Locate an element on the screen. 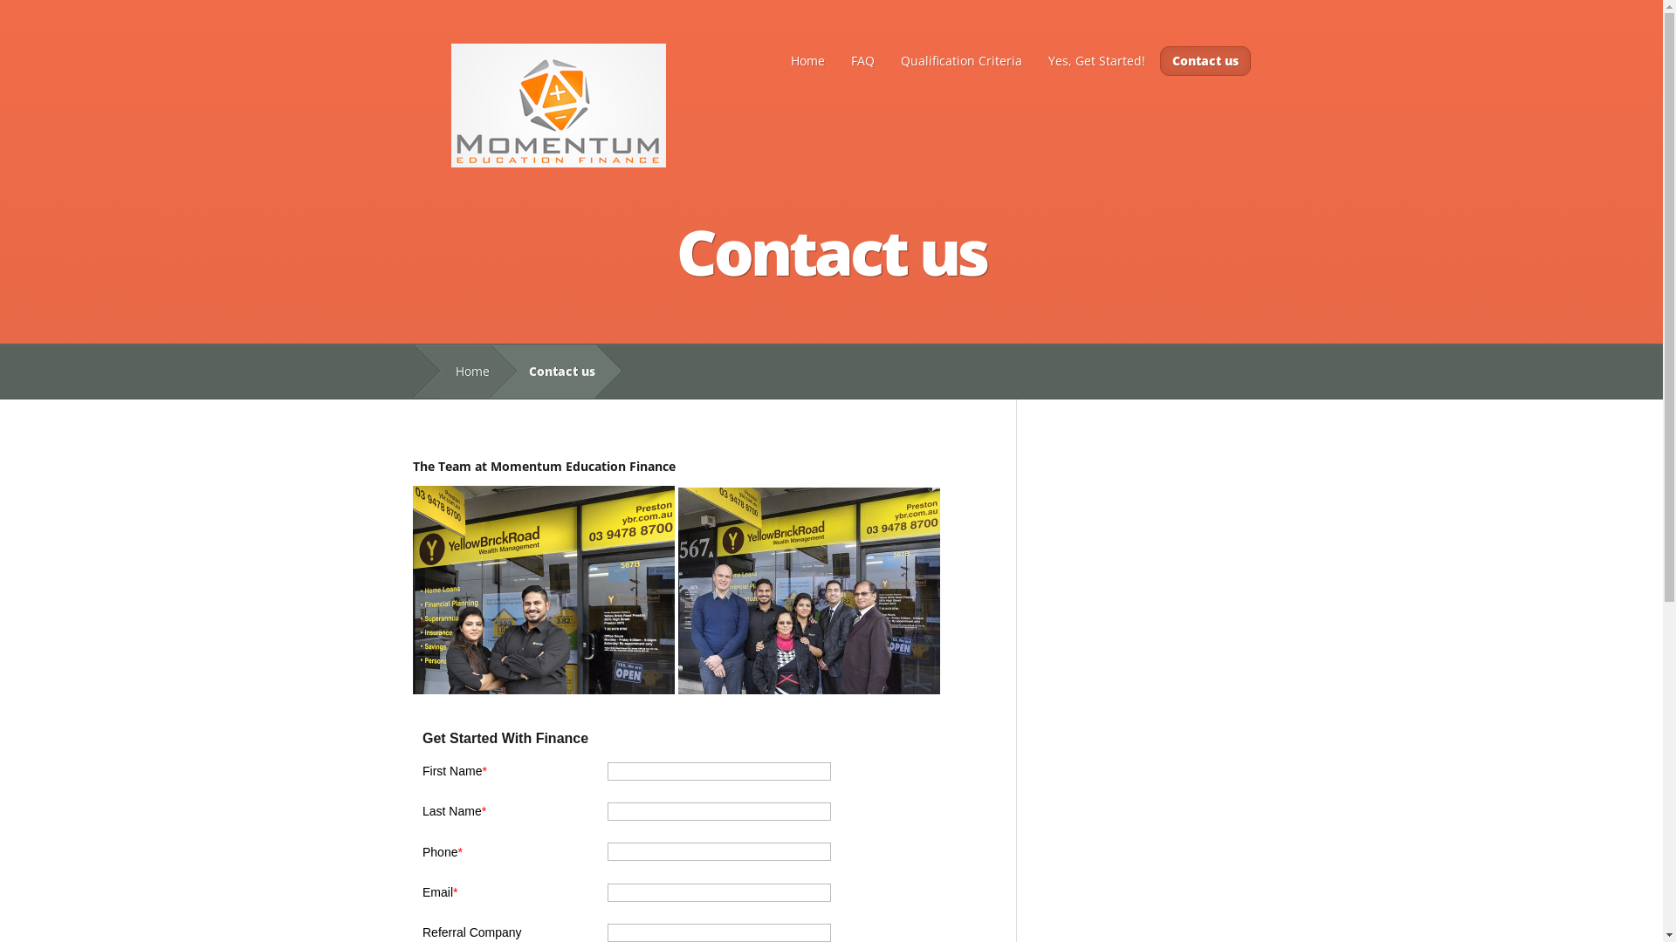 The width and height of the screenshot is (1676, 942). 'Home' is located at coordinates (464, 371).